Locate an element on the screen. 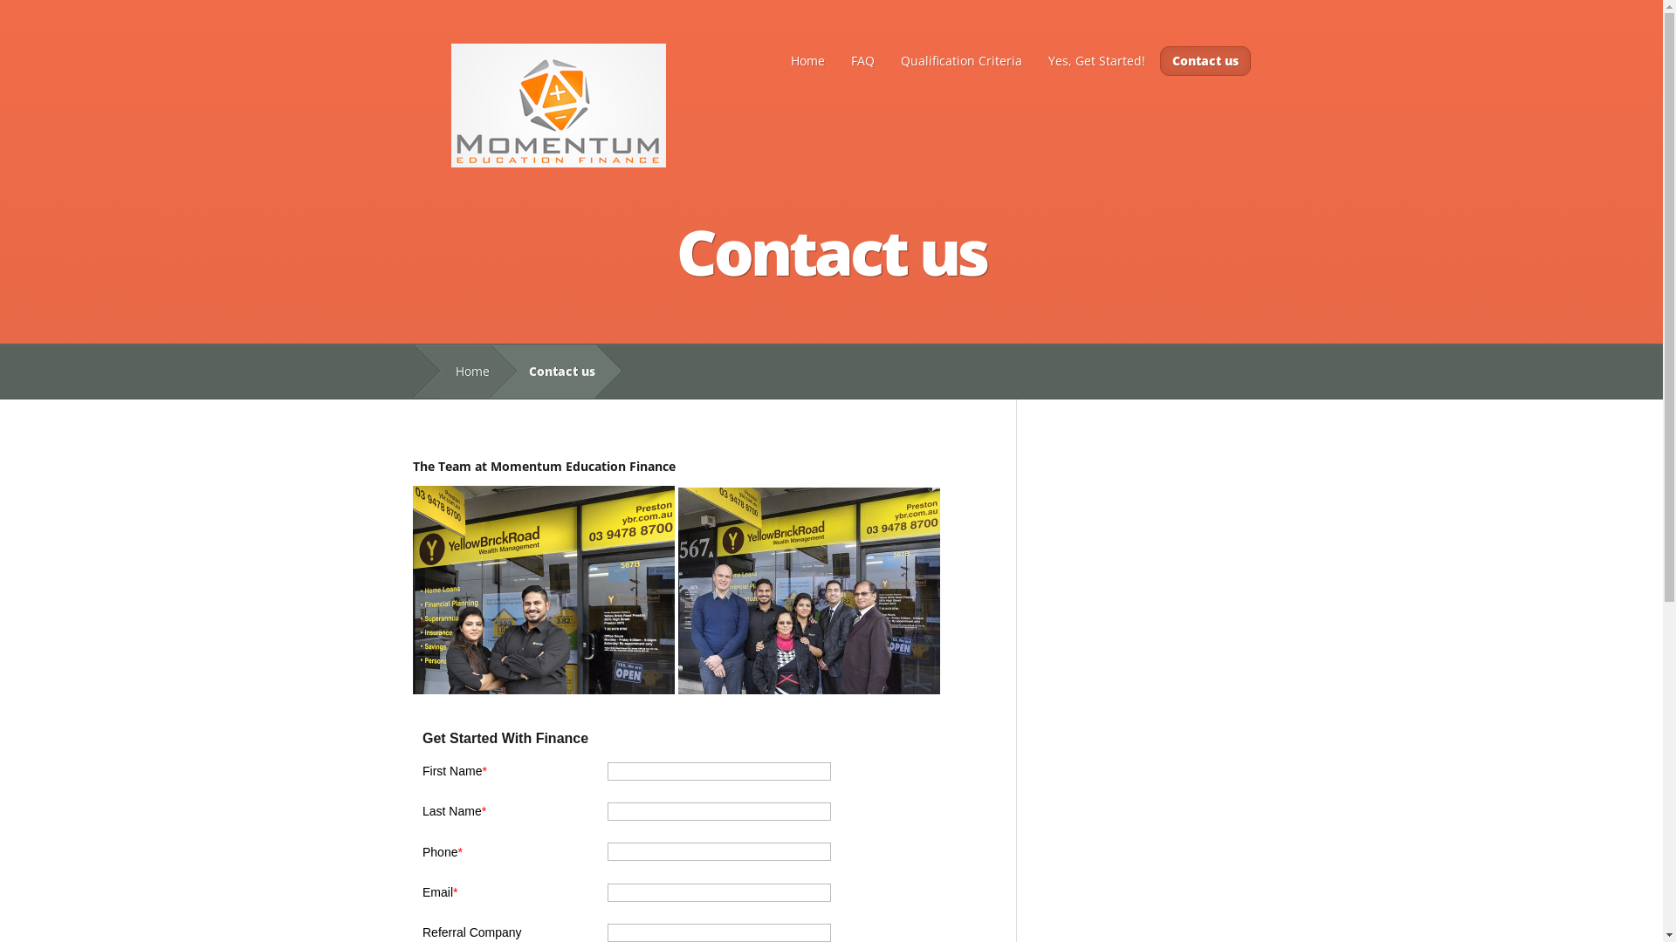 The width and height of the screenshot is (1676, 942). 'Home' is located at coordinates (464, 371).